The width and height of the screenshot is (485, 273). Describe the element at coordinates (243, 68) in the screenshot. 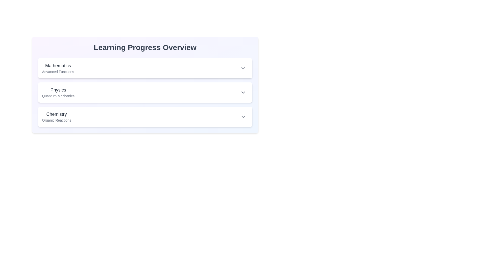

I see `the button with a downward chevron icon located in the top right corner of the 'Mathematics' section card` at that location.